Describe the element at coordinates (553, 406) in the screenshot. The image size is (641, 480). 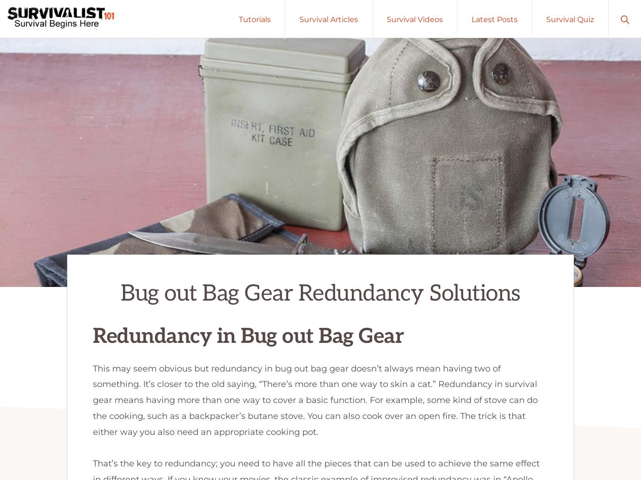
I see `'About Us'` at that location.